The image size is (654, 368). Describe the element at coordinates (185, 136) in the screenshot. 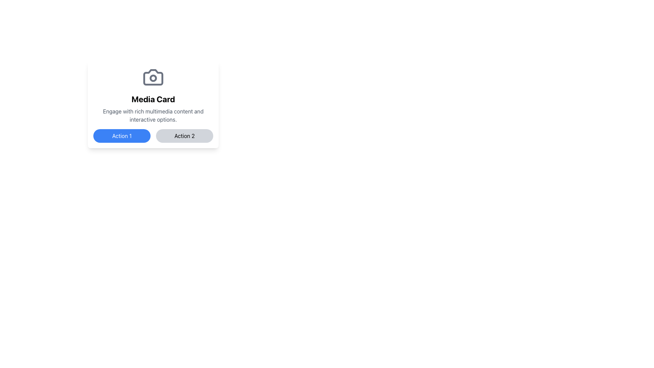

I see `the horizontally elongated button with rounded corners and bold black text reading 'Action 2'` at that location.